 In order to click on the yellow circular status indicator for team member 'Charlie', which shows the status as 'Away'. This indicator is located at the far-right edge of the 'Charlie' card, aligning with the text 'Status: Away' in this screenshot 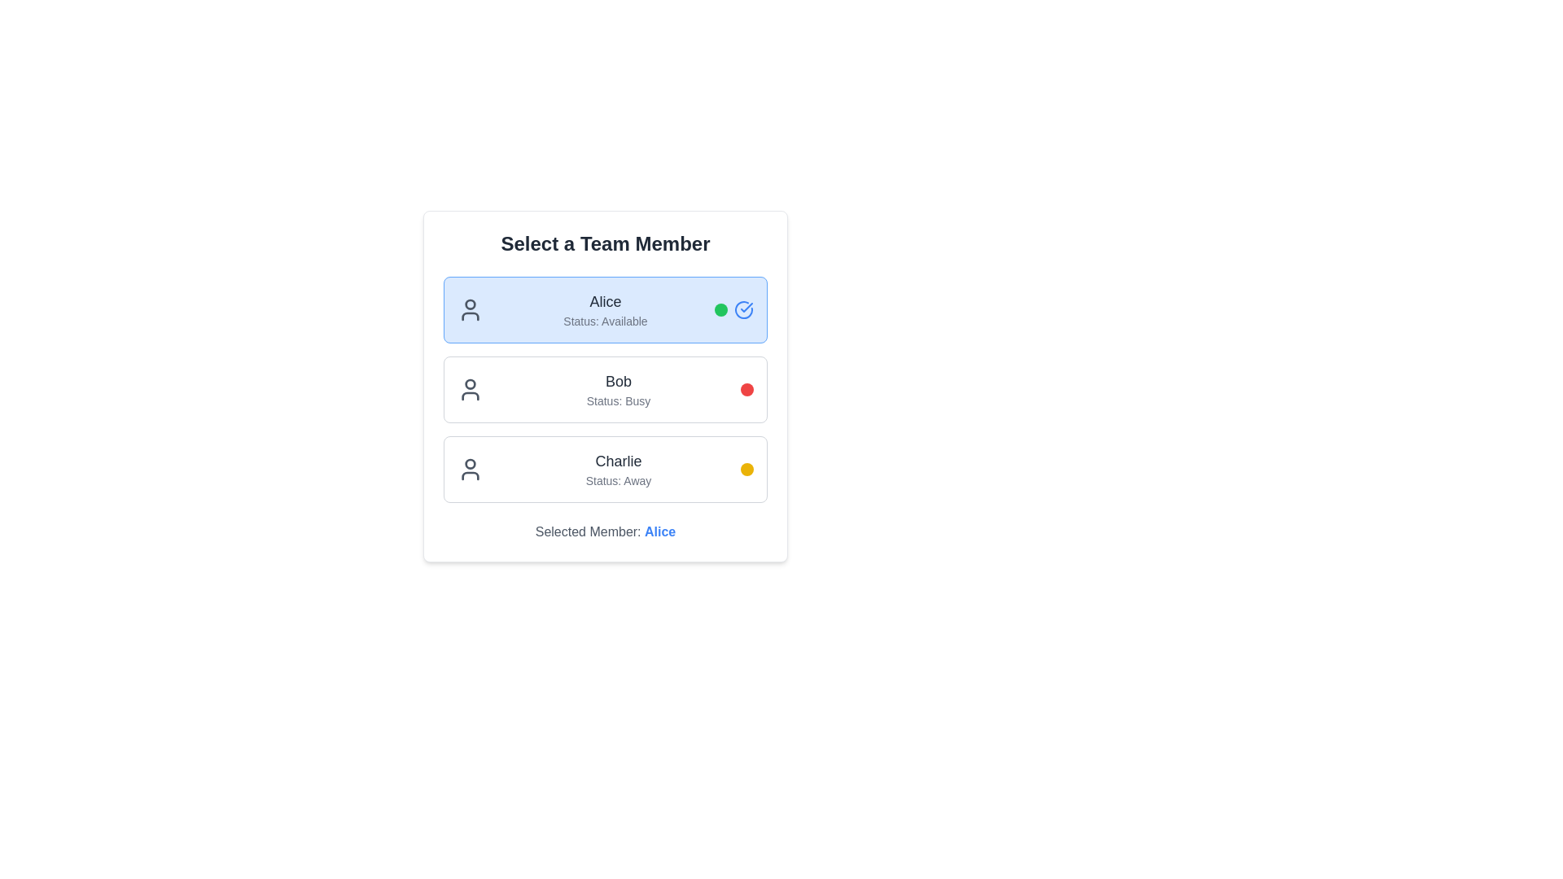, I will do `click(746, 470)`.